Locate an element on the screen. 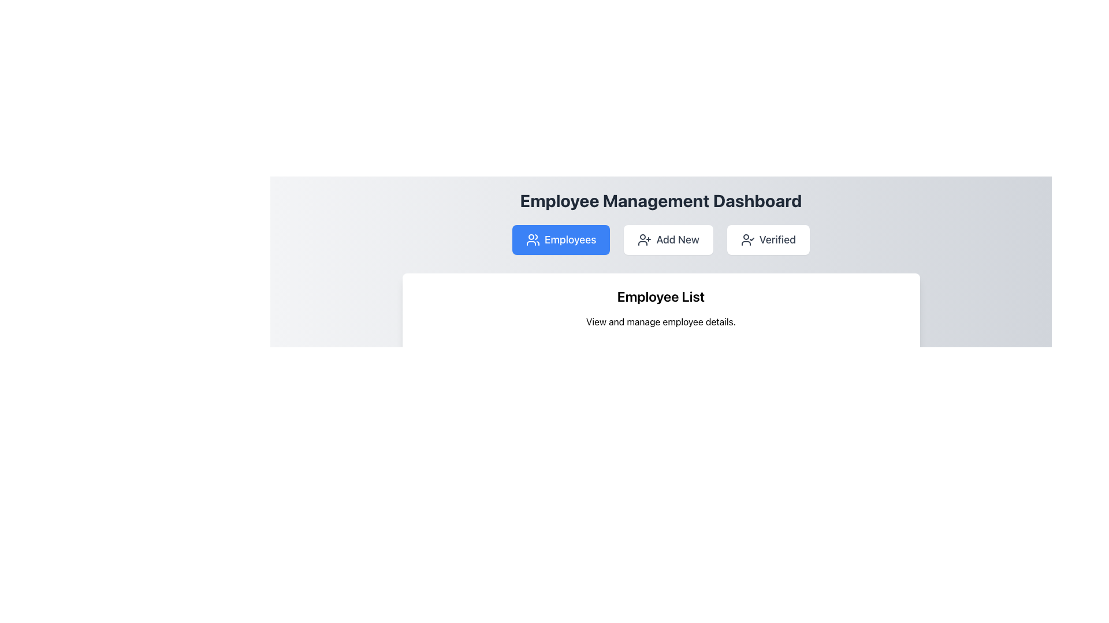  the 'Verified' button is located at coordinates (747, 239).